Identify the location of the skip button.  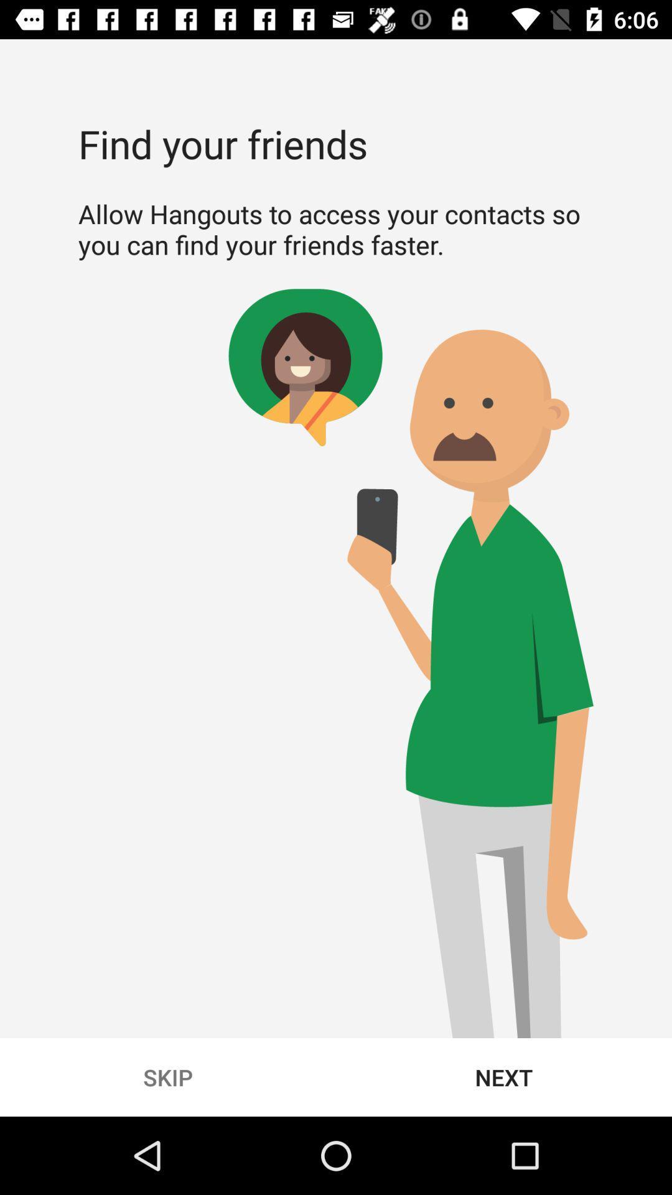
(168, 1077).